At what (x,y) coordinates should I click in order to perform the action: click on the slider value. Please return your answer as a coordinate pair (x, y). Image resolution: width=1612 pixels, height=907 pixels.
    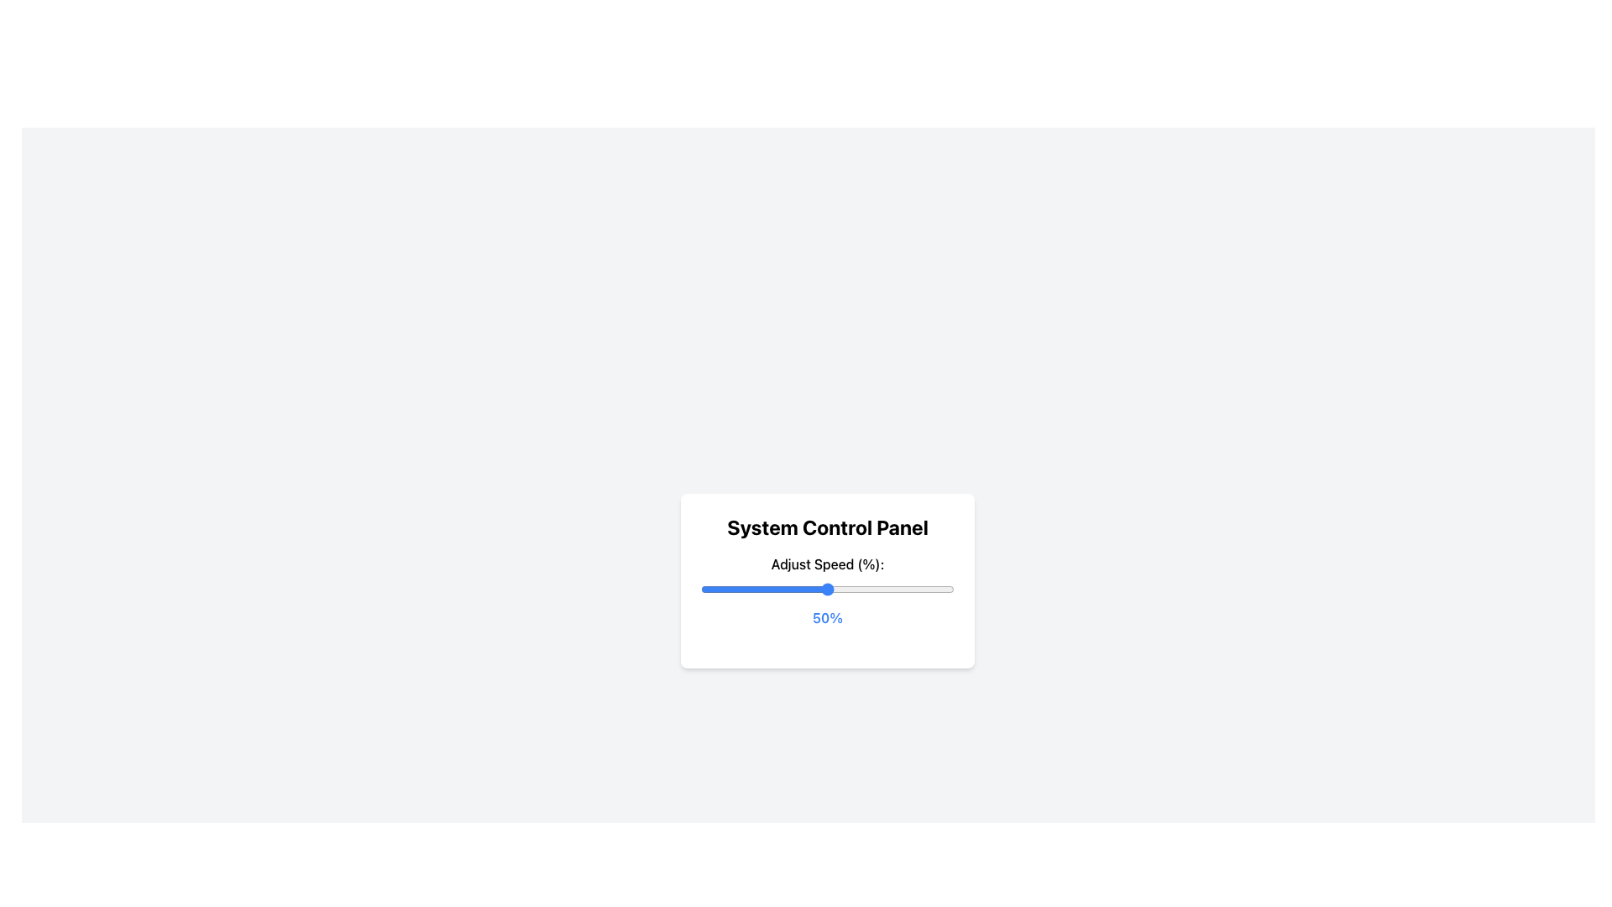
    Looking at the image, I should click on (753, 589).